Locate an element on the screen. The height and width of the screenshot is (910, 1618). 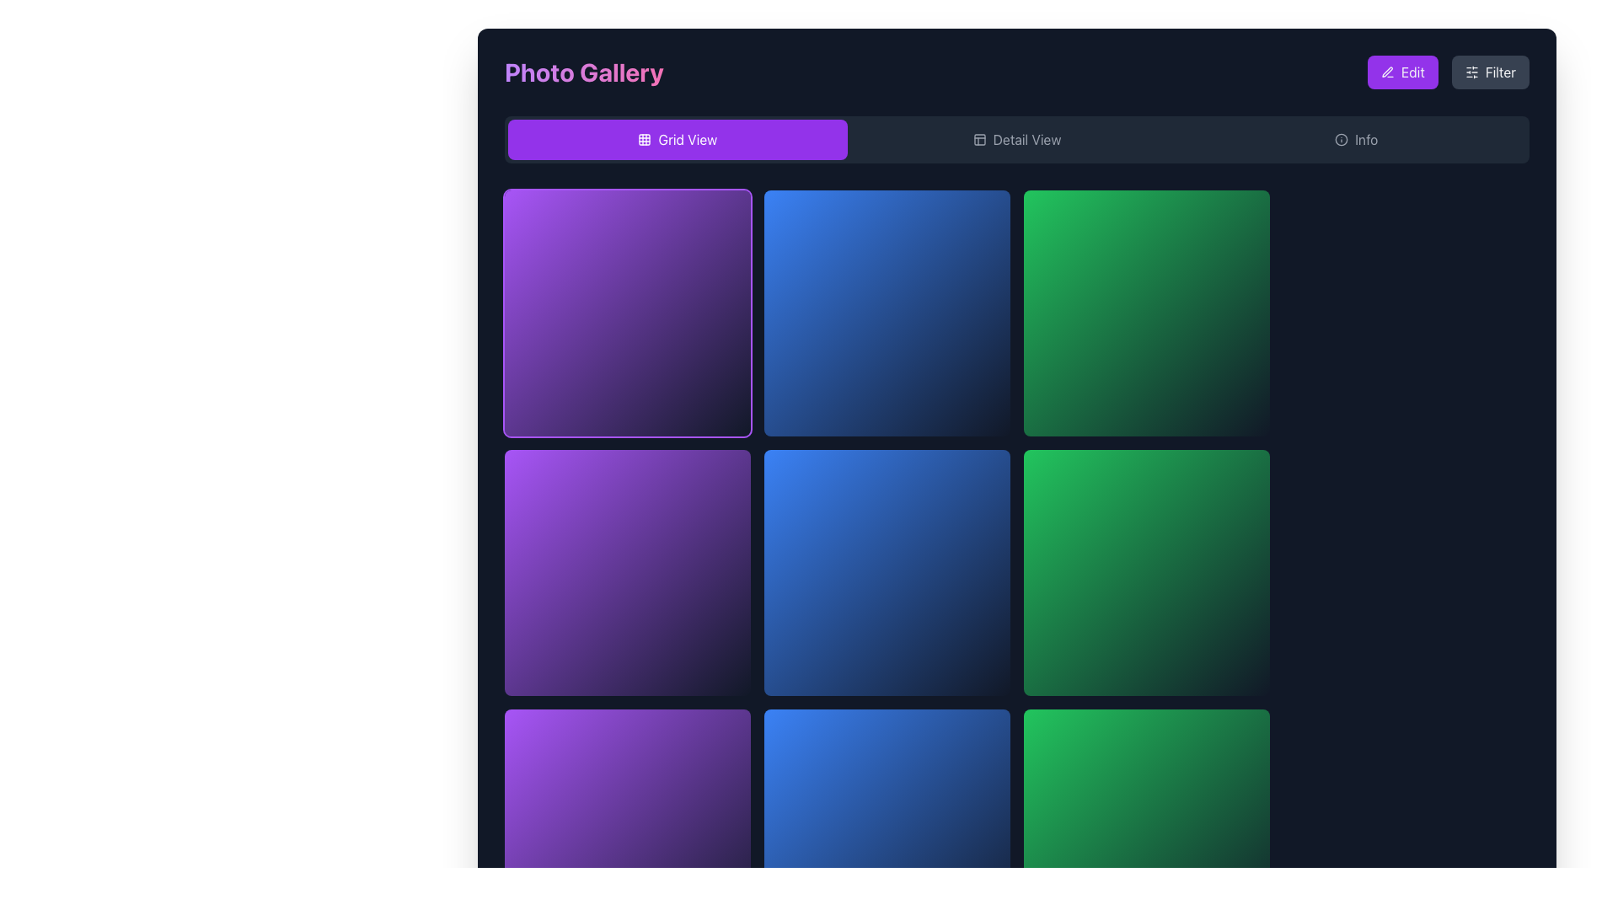
the clickable grid item located in the second cell of the second row to trigger the group-hover style effect is located at coordinates (626, 571).